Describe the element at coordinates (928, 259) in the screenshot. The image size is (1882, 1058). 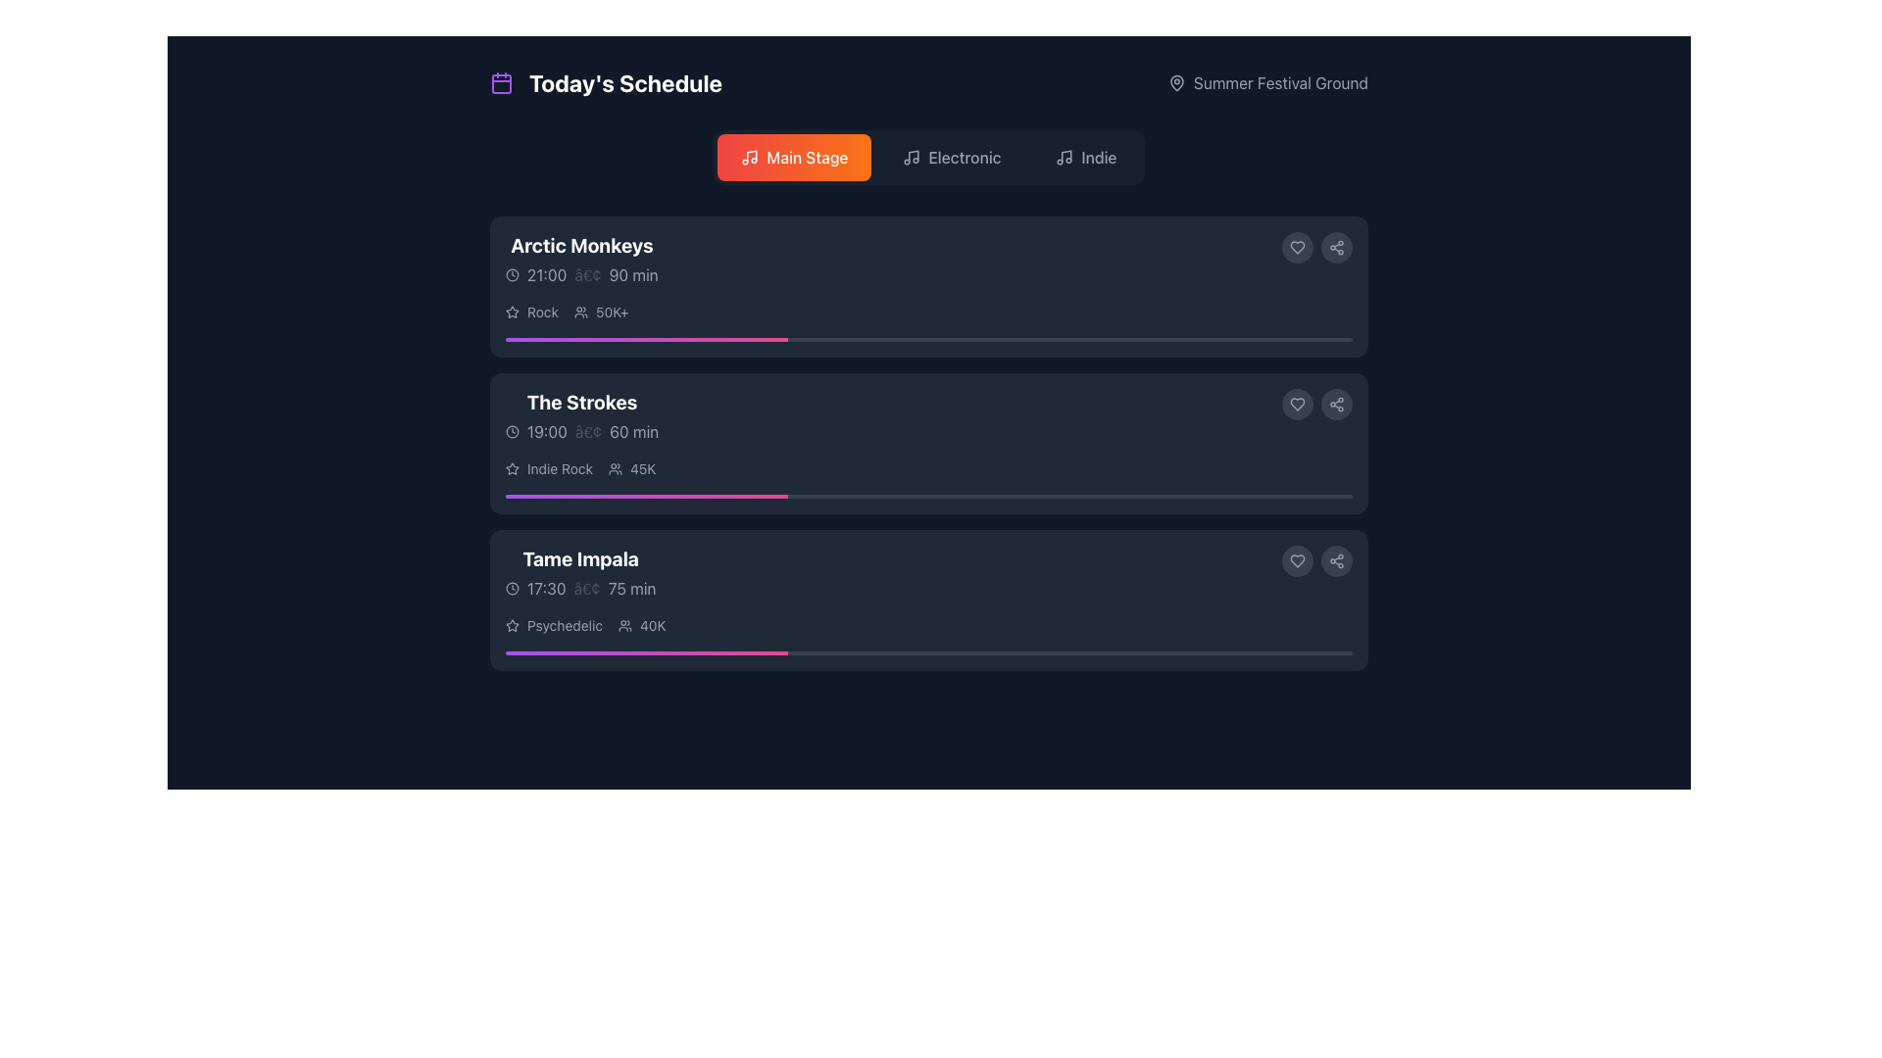
I see `the Informational card element that displays event details including title, time, and duration, located at the topmost entry under the 'Main Stage' tab` at that location.